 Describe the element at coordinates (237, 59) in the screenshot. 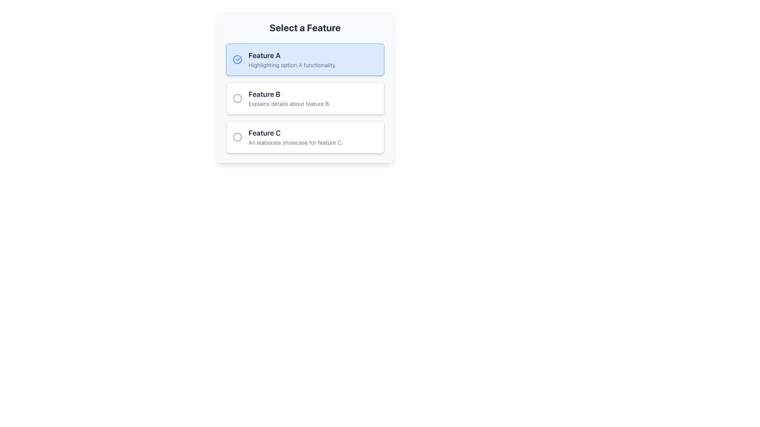

I see `the circular light blue icon with a checkmark that is part of the option selection interface for 'Feature A'` at that location.